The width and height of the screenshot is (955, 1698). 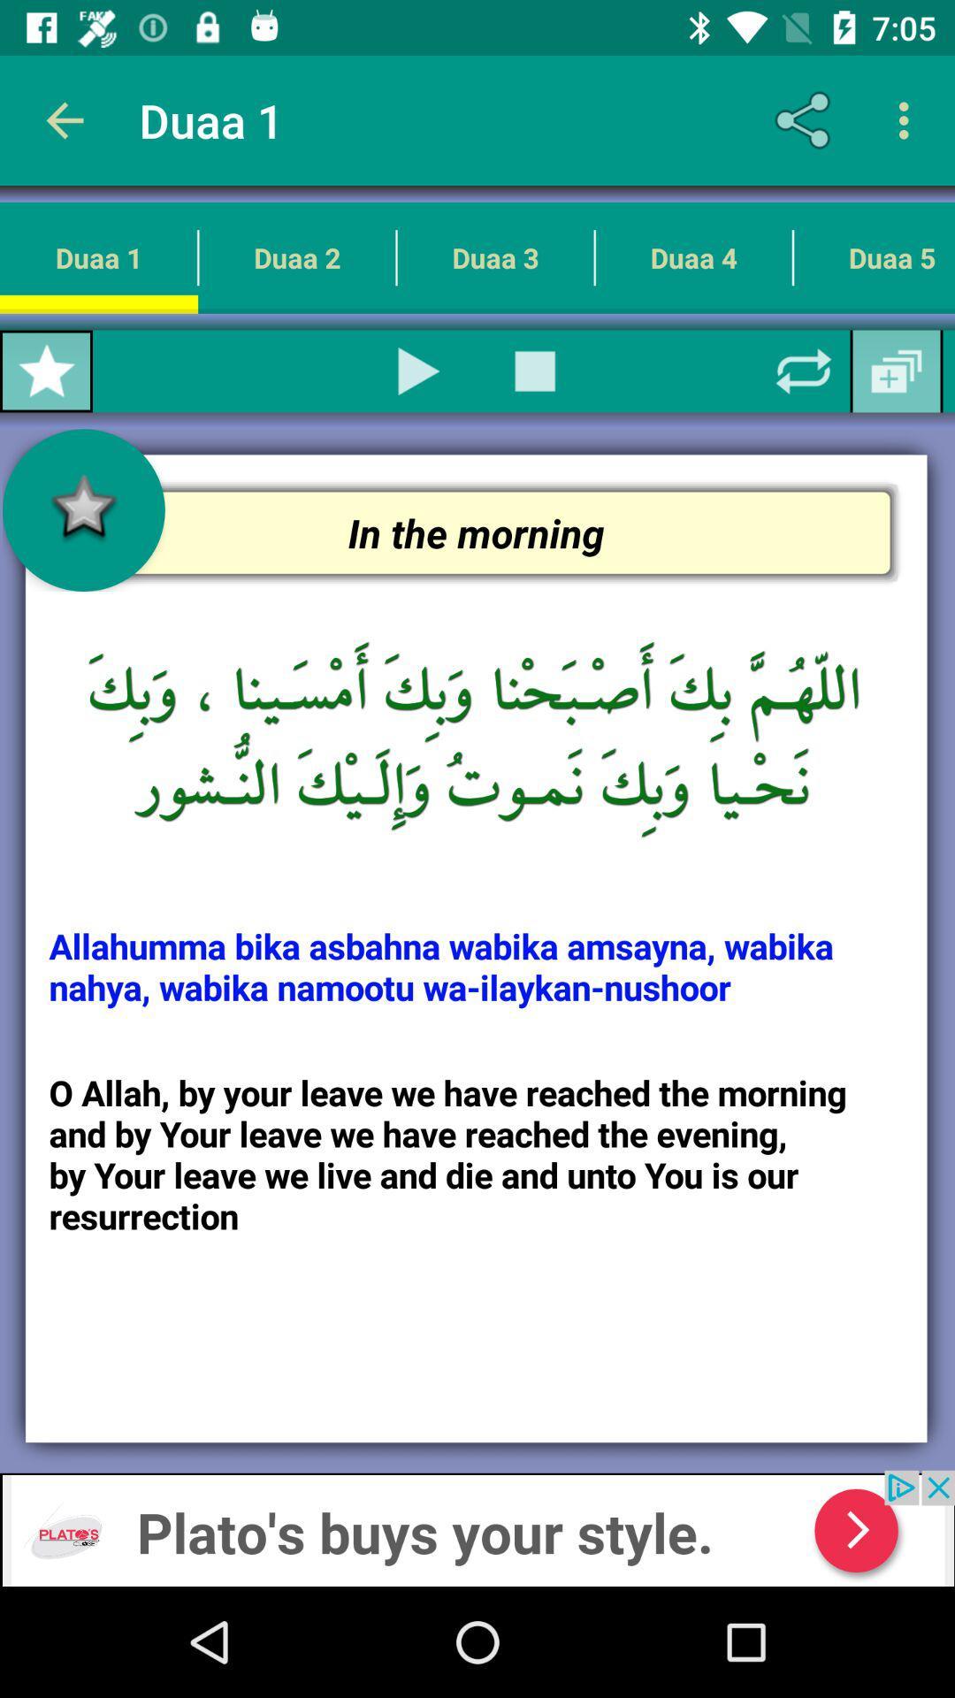 What do you see at coordinates (692, 256) in the screenshot?
I see `app to the right of duaa 3 icon` at bounding box center [692, 256].